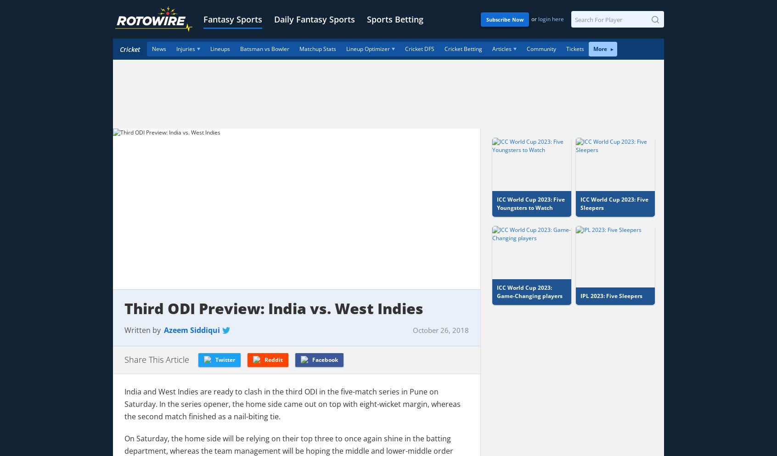  What do you see at coordinates (273, 19) in the screenshot?
I see `'Daily Fantasy Sports'` at bounding box center [273, 19].